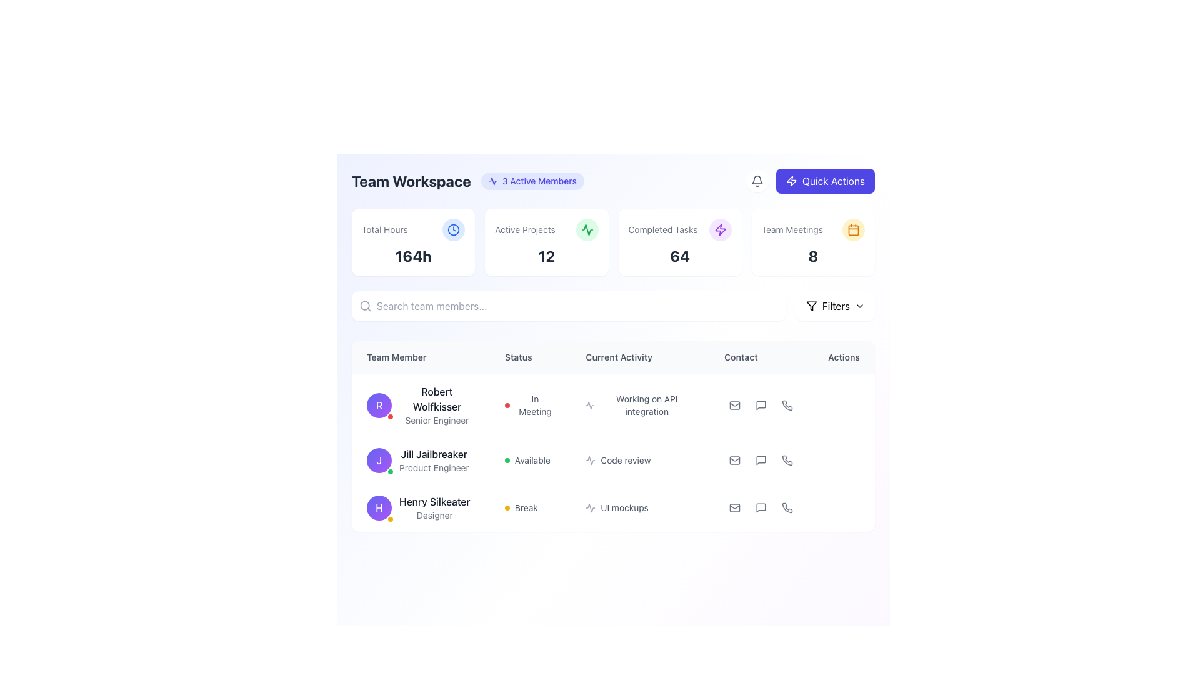 Image resolution: width=1200 pixels, height=675 pixels. I want to click on the 'Quick Actions' text label located within a button in the top-right corner of the interface to interact with the button, so click(833, 181).